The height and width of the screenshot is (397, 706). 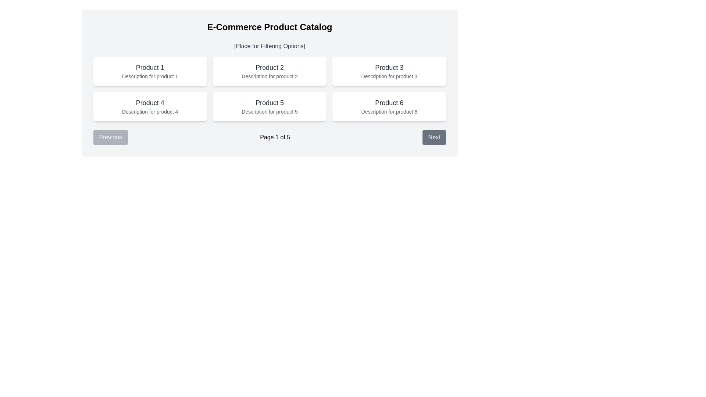 I want to click on the product display card for 'Product 6', located in the bottom-right corner of the grid layout, so click(x=389, y=106).